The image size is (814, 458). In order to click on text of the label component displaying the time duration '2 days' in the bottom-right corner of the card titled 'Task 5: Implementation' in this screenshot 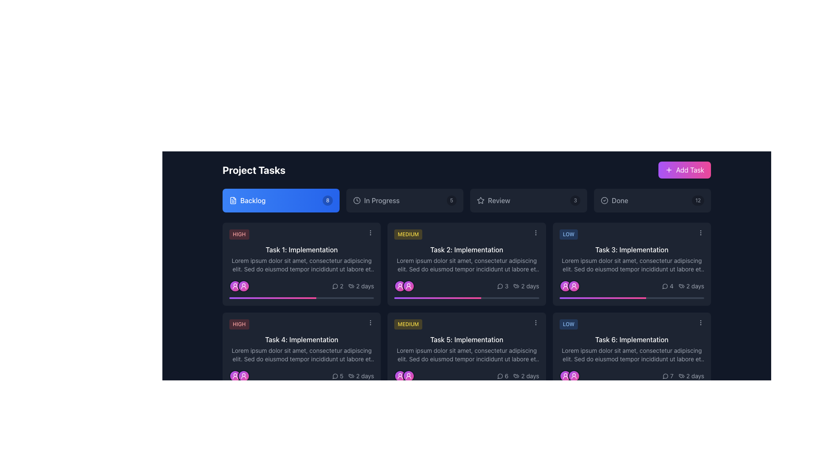, I will do `click(518, 376)`.